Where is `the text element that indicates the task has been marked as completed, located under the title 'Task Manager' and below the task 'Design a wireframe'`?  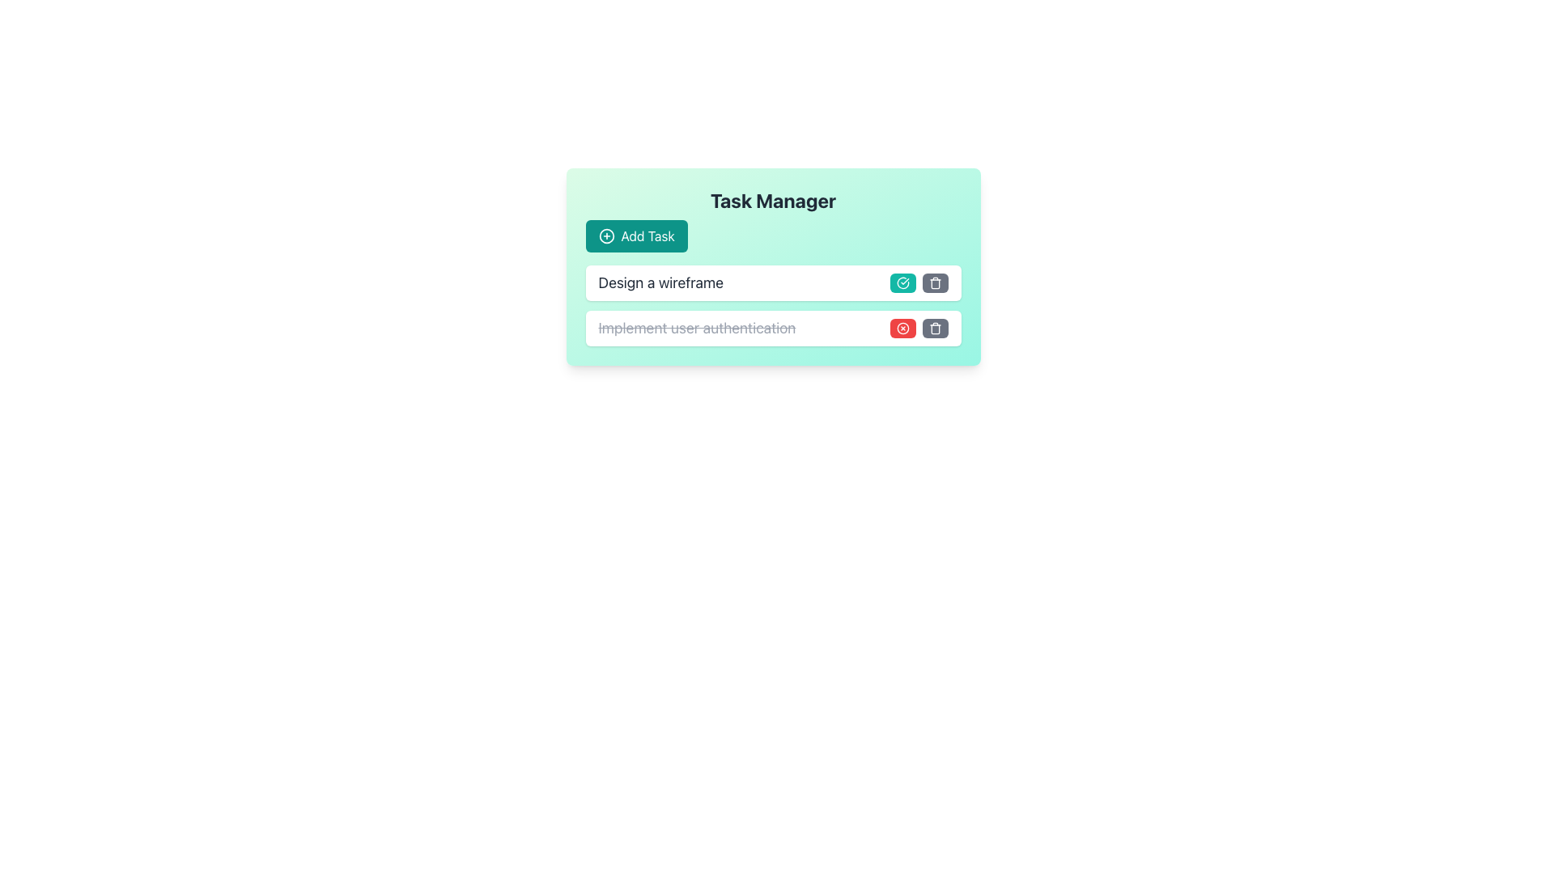
the text element that indicates the task has been marked as completed, located under the title 'Task Manager' and below the task 'Design a wireframe' is located at coordinates (697, 328).